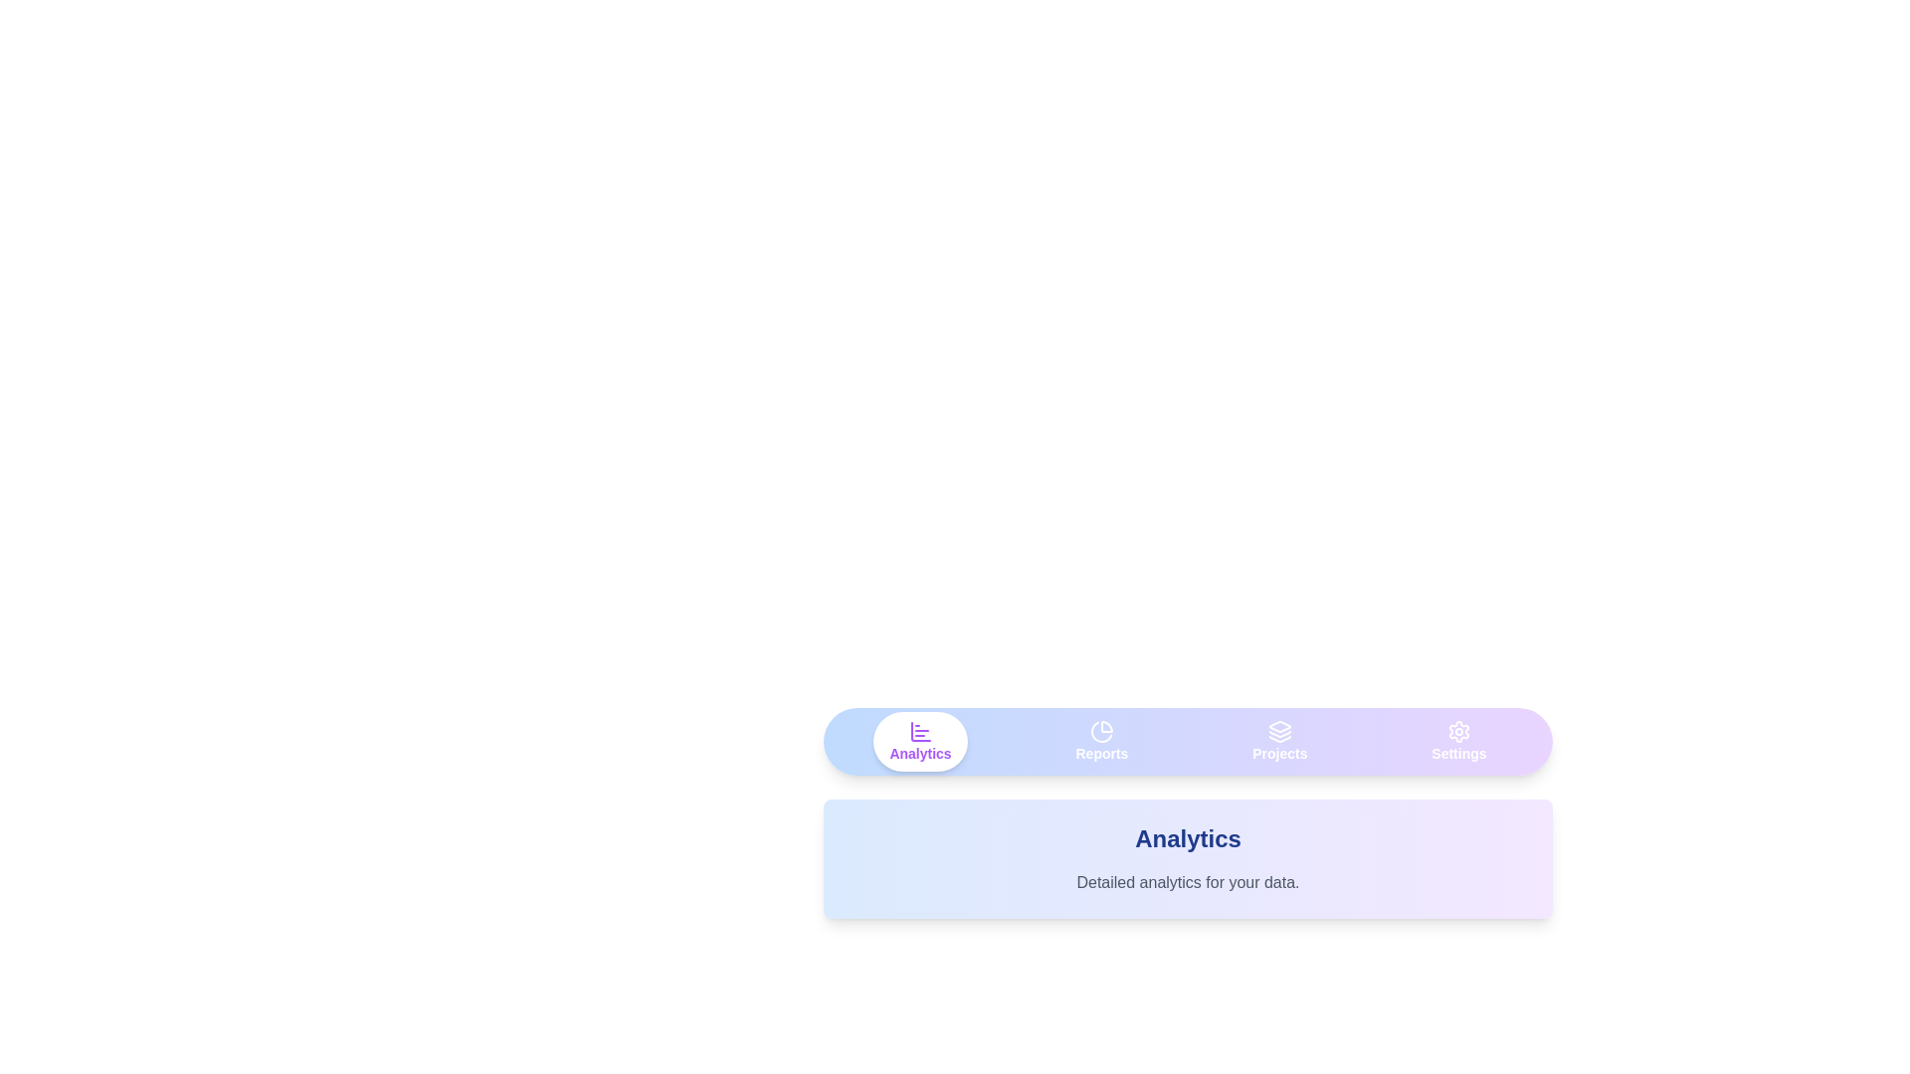  I want to click on the tab labeled Analytics to view its content, so click(919, 741).